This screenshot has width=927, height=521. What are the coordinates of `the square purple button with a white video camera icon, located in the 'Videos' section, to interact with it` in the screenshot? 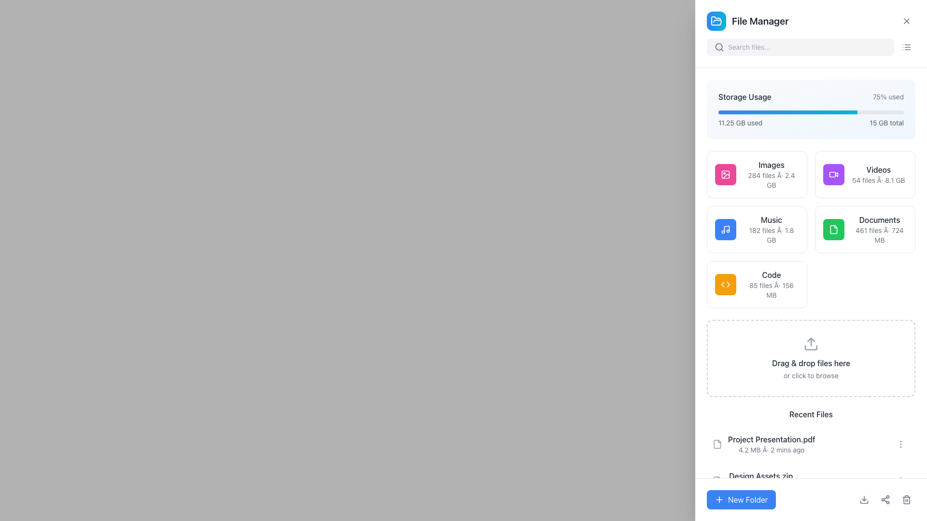 It's located at (833, 175).